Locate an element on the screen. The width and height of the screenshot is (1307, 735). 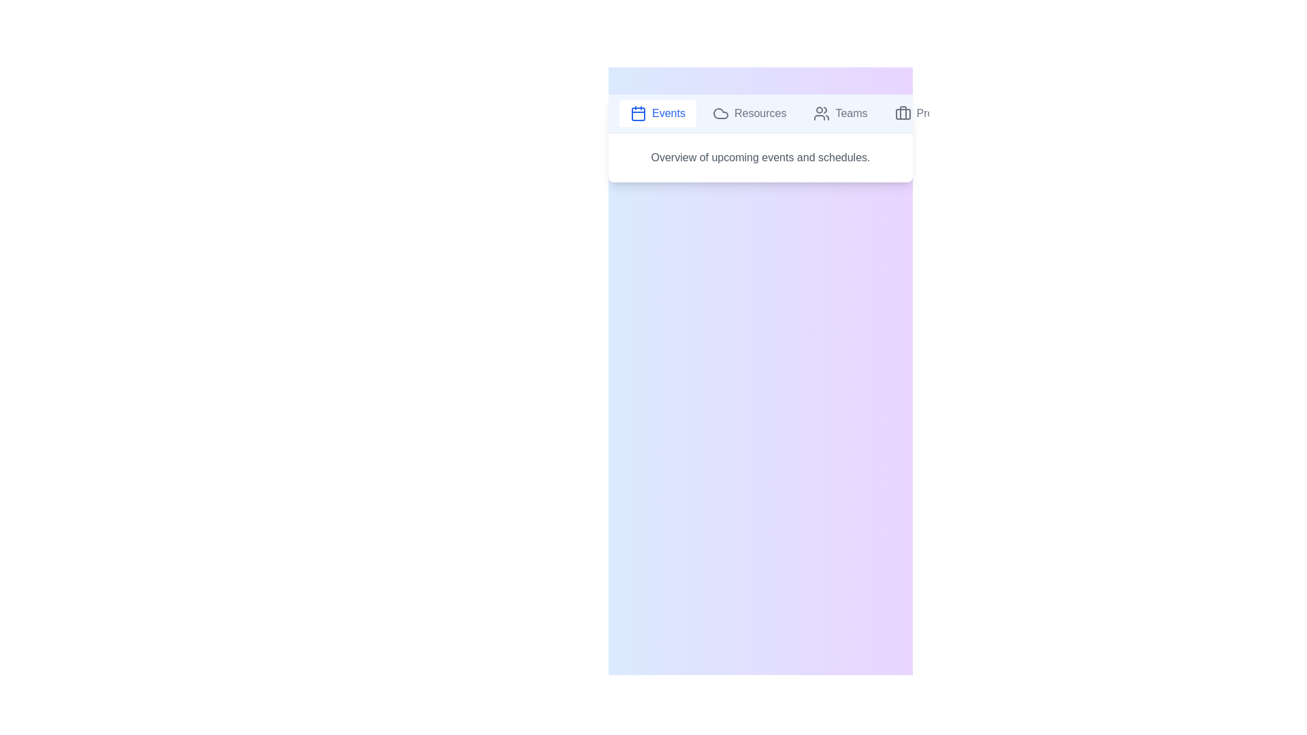
the icon of the tab labeled Events is located at coordinates (637, 112).